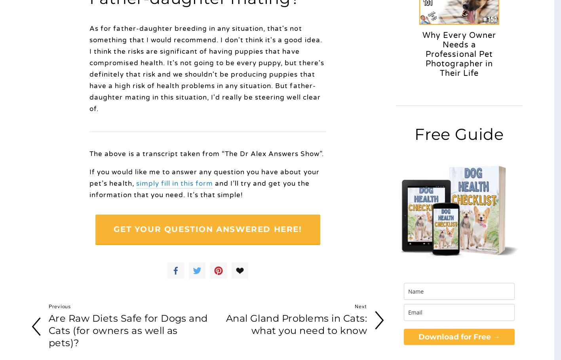  I want to click on 'As for father-daughter breeding in any situation, that's not something that I would recommend. I don't think it's a good idea. I think the risks are significant of having puppies that have compromised health. It's not going to be every puppy, but there's definitely that risk and we shouldn't be producing puppies that have a high risk of health problems in any situation. But father-daughter mating in this situation, I'd really be steering well clear of.', so click(207, 68).